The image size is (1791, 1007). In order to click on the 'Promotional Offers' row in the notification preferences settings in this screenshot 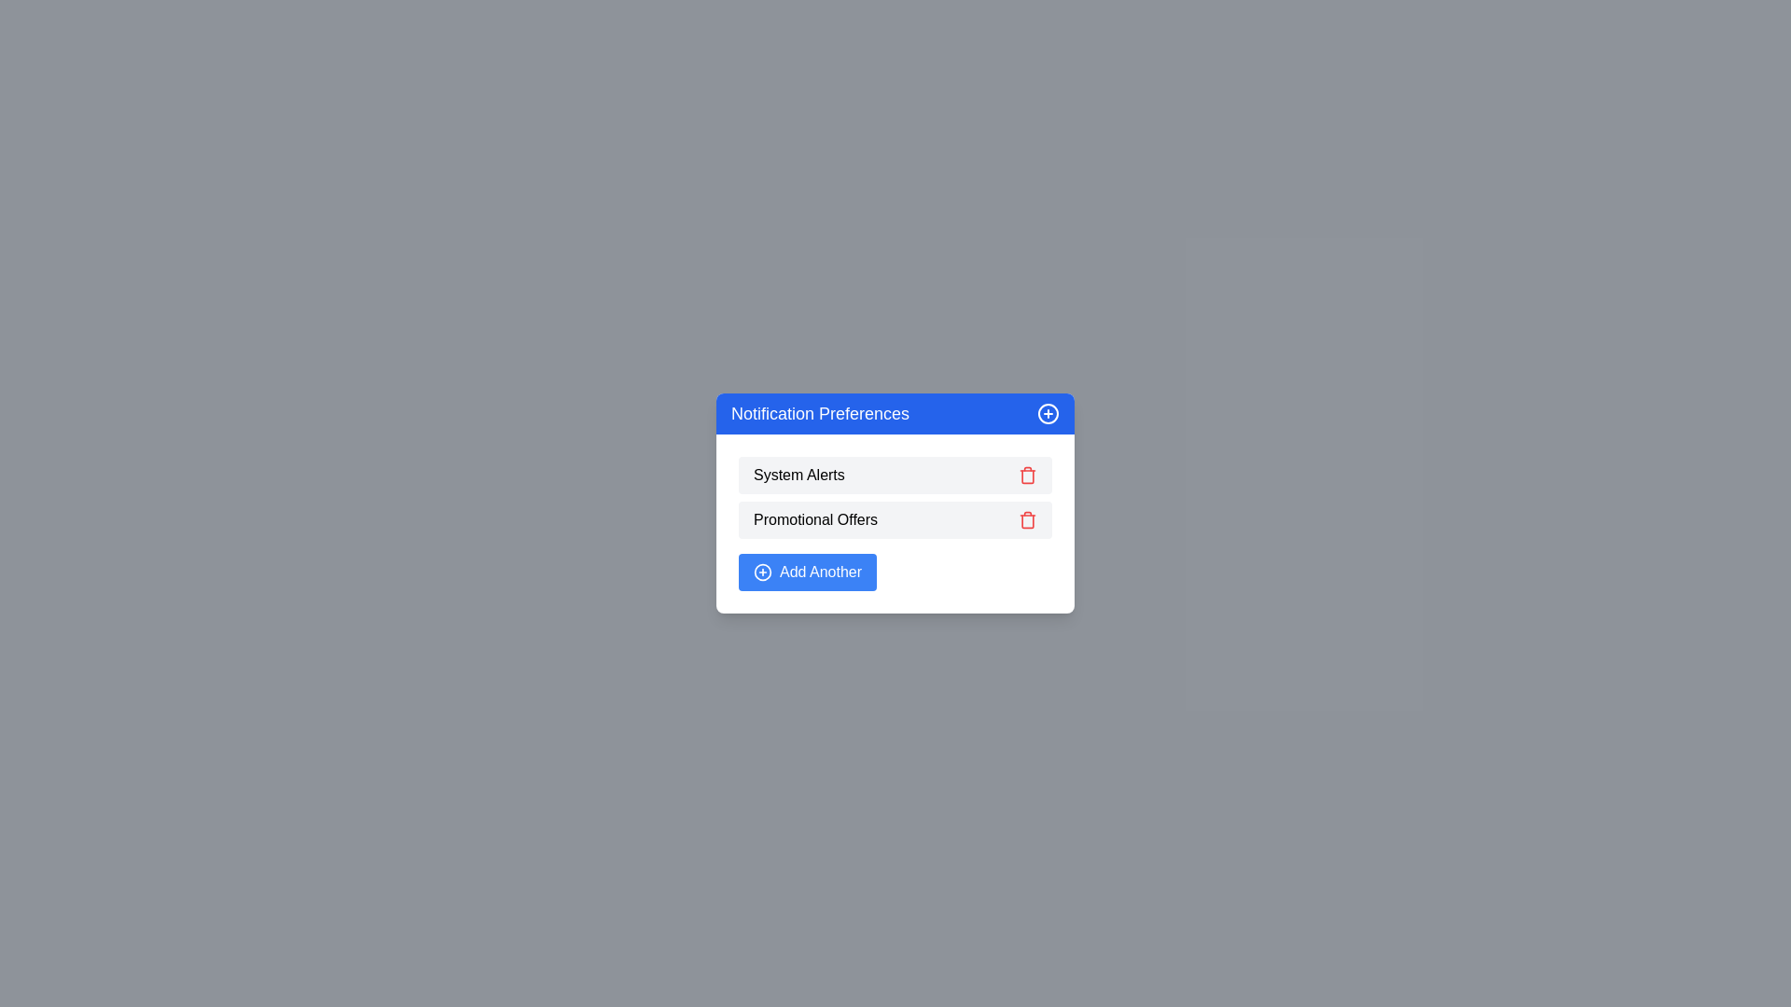, I will do `click(895, 524)`.